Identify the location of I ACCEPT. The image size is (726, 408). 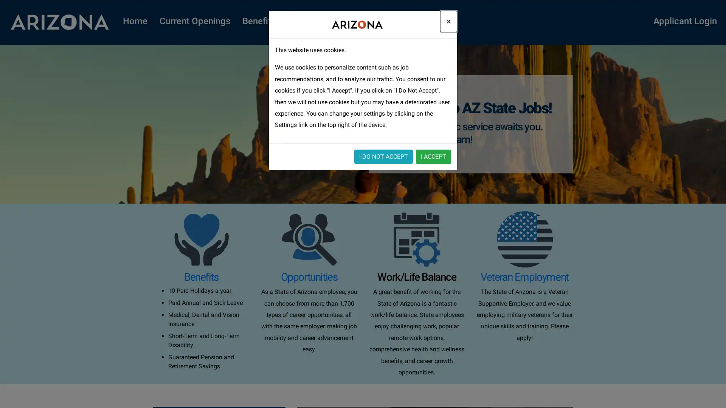
(433, 156).